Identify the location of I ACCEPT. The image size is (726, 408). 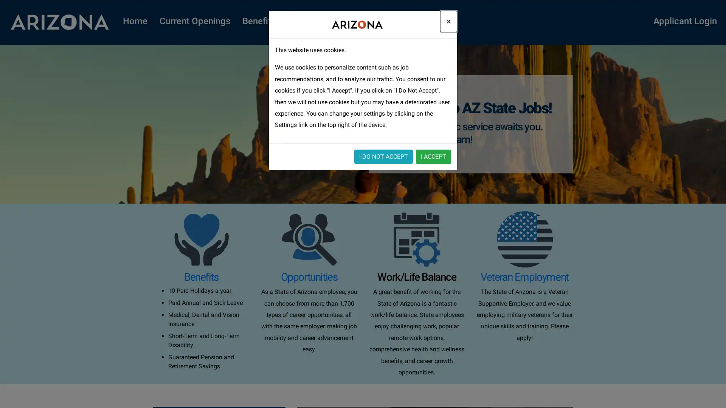
(433, 156).